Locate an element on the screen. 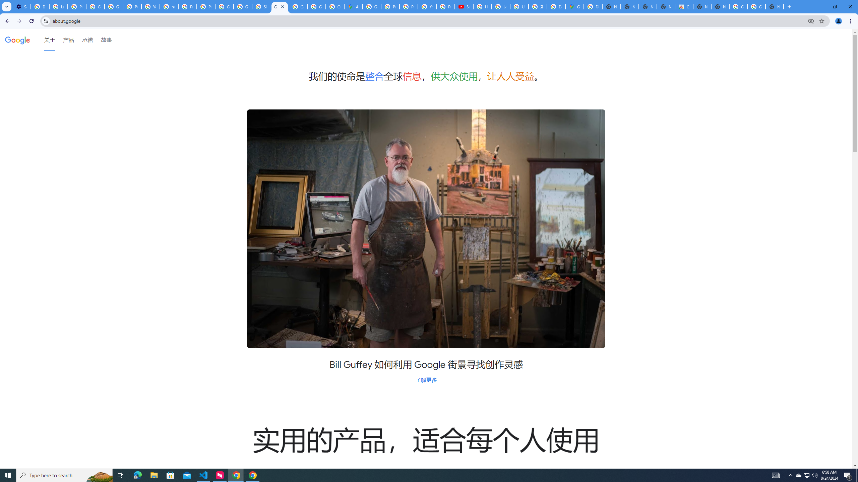  'Google Account Help' is located at coordinates (95, 6).